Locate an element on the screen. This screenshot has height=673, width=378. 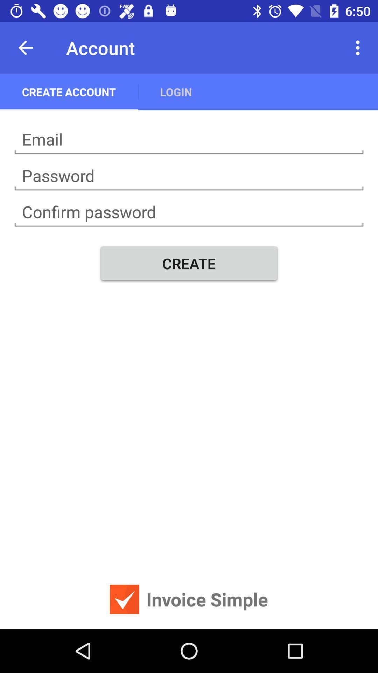
the create account app is located at coordinates (69, 91).